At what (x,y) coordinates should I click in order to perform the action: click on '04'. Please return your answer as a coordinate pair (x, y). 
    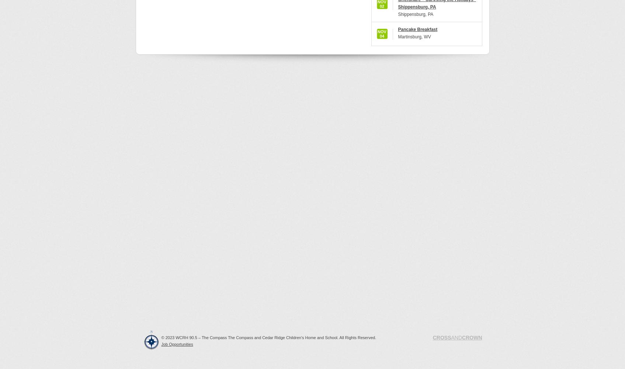
    Looking at the image, I should click on (381, 36).